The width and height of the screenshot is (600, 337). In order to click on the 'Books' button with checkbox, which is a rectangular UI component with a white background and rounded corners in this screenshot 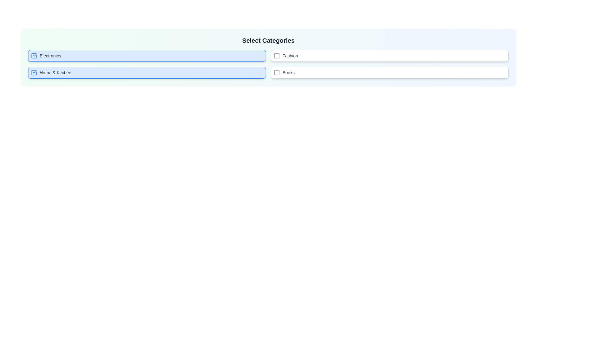, I will do `click(389, 72)`.